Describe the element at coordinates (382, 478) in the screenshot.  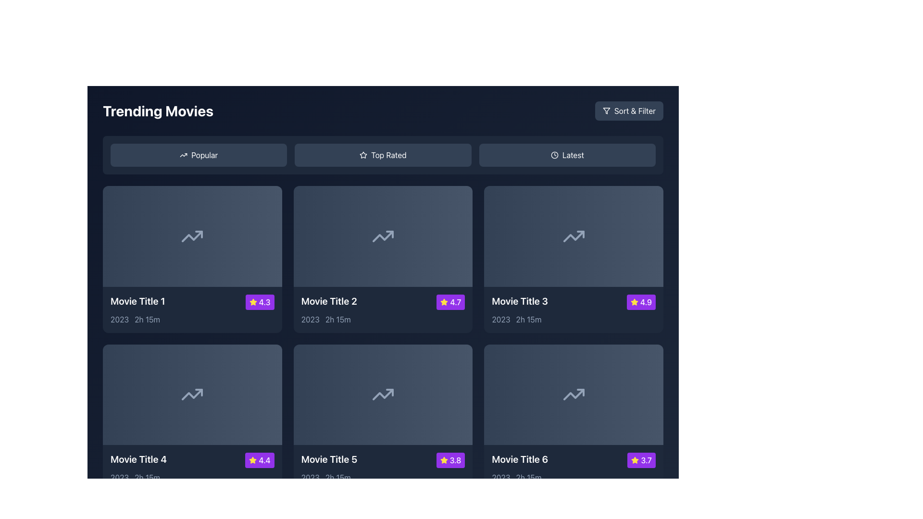
I see `the text label that provides additional information about the movie, located below the title and rating of the fifth movie card in the grid of trending movies` at that location.